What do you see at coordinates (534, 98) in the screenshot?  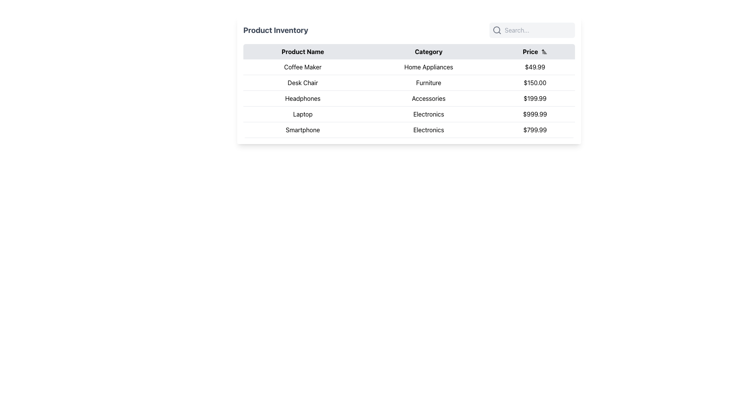 I see `the price text displaying '$199.99' in black font, located in the 'Price' column of the table, aligned horizontally with 'Accessories' and 'Headphones'` at bounding box center [534, 98].